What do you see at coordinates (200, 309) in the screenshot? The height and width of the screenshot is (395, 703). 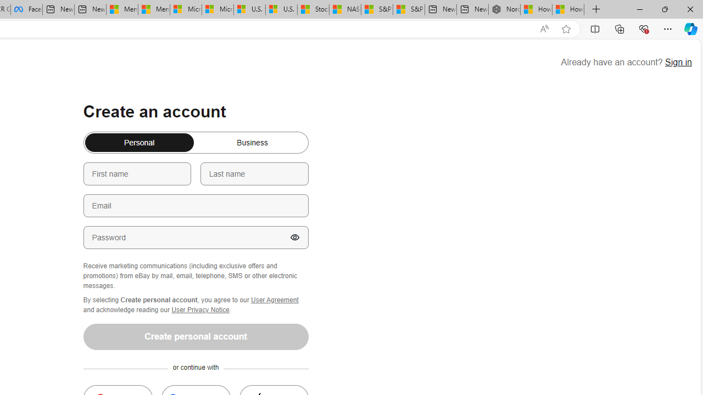 I see `'User Privacy Notice'` at bounding box center [200, 309].